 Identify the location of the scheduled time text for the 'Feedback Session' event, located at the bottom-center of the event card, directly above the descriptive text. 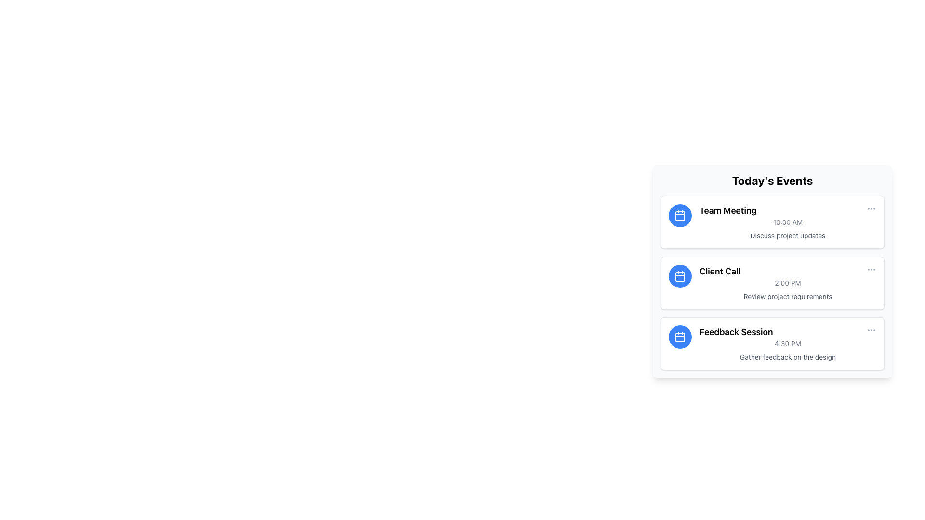
(788, 343).